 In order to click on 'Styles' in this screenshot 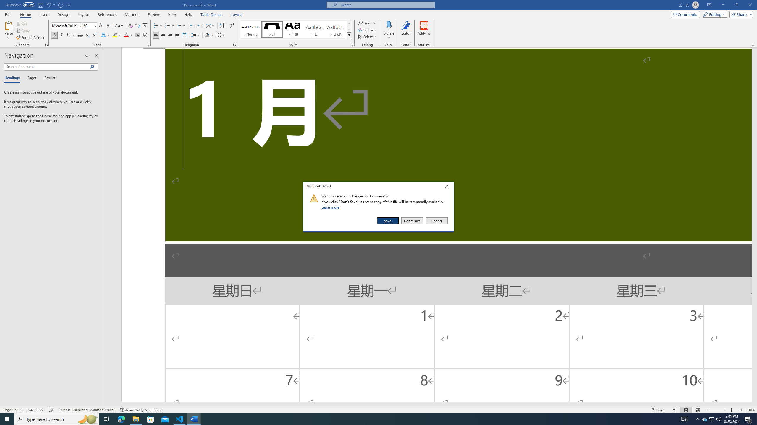, I will do `click(349, 35)`.